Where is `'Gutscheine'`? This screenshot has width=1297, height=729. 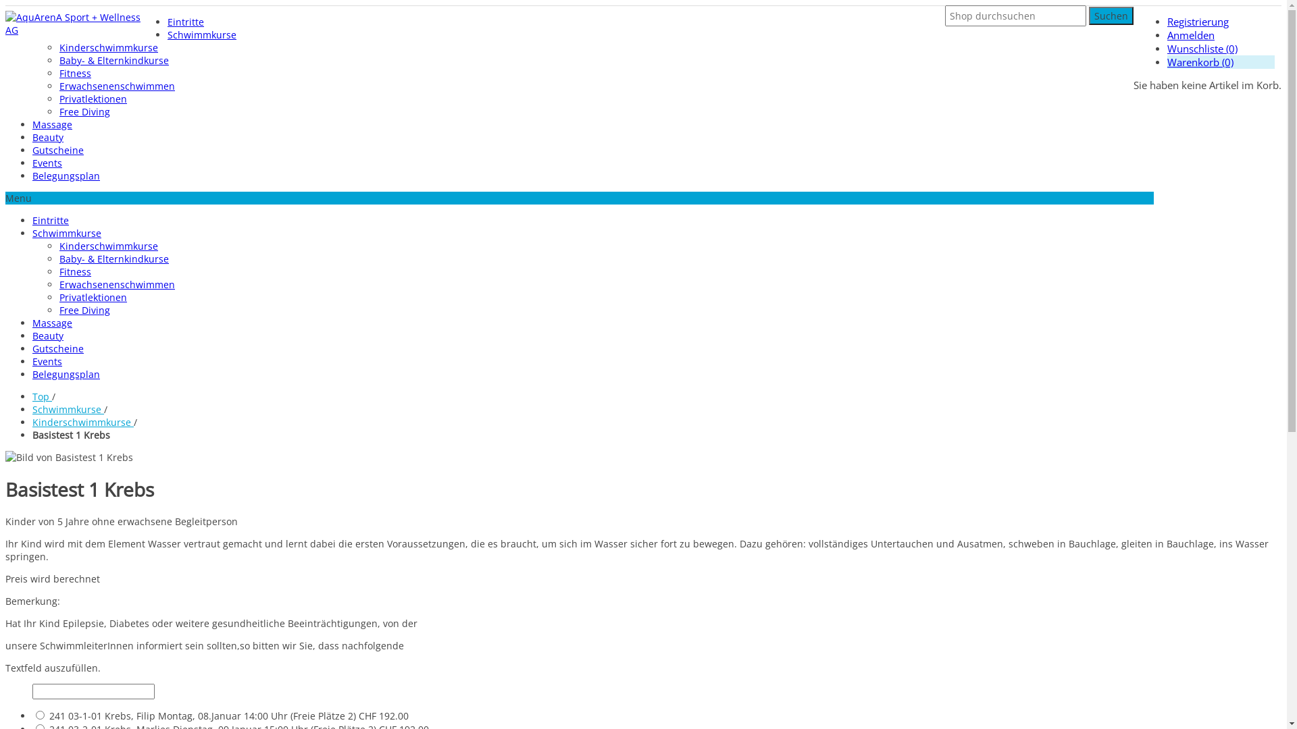 'Gutscheine' is located at coordinates (57, 348).